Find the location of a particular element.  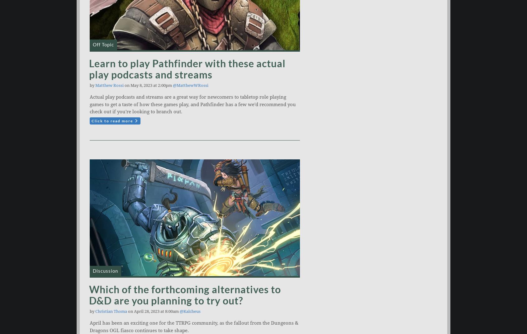

'on April 28, 2023 at 8:00am' is located at coordinates (153, 311).